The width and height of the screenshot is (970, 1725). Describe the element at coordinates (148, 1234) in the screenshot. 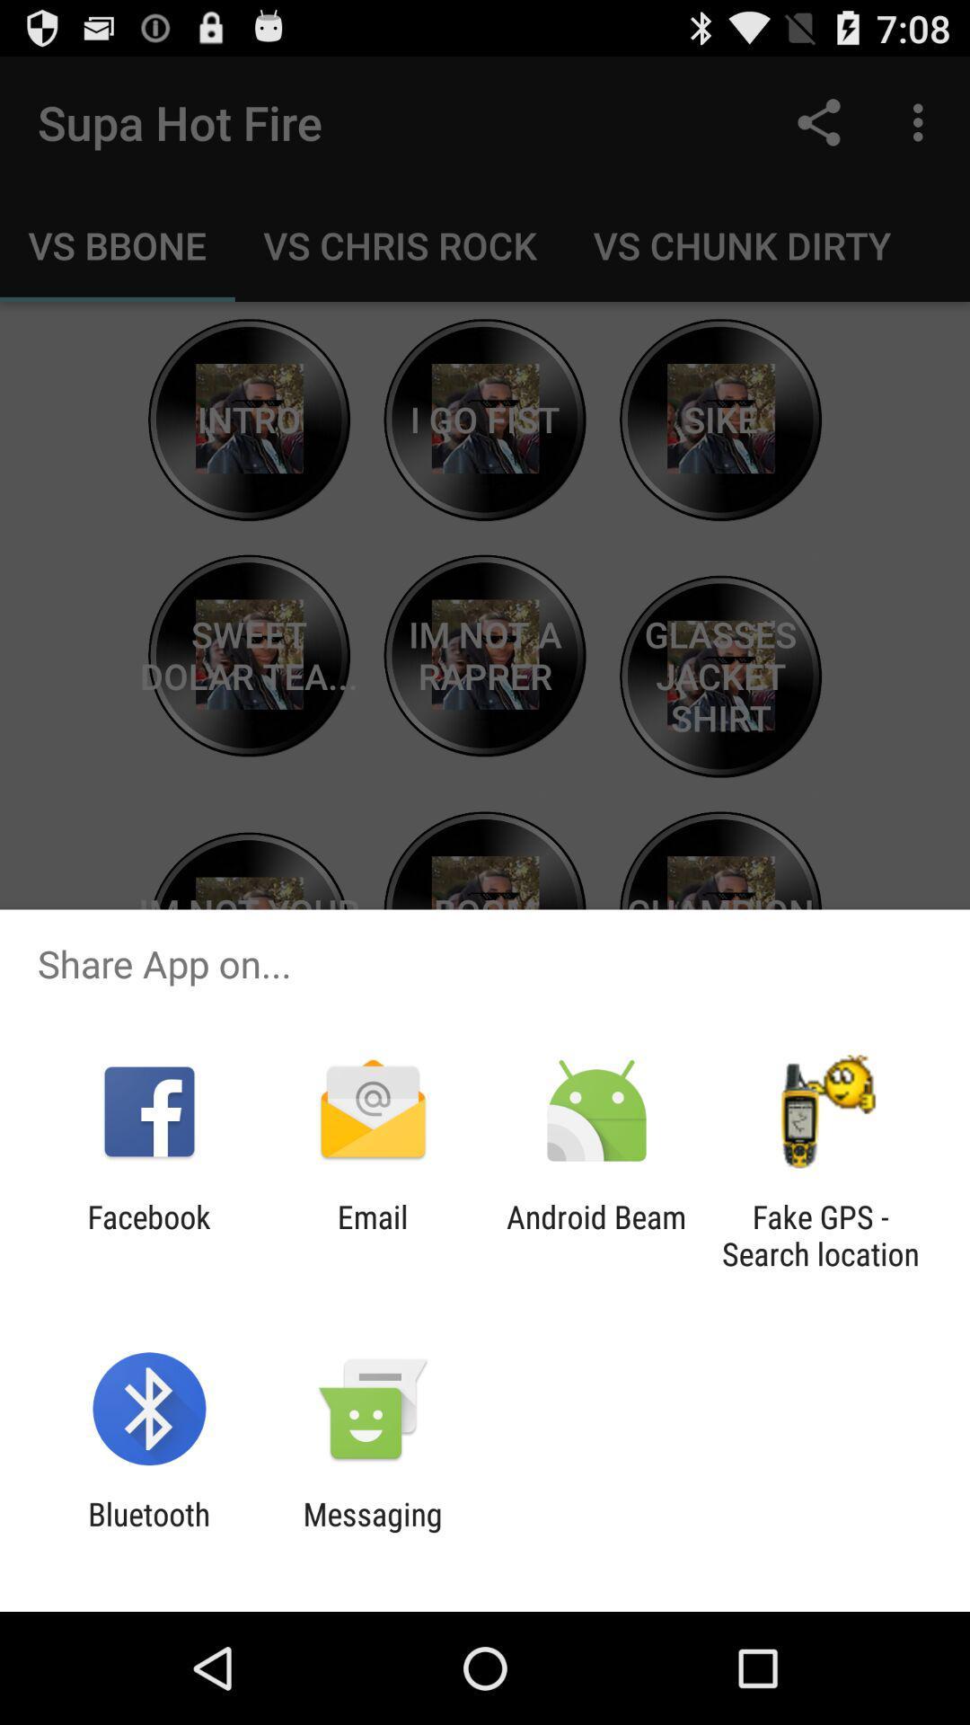

I see `item next to the email` at that location.